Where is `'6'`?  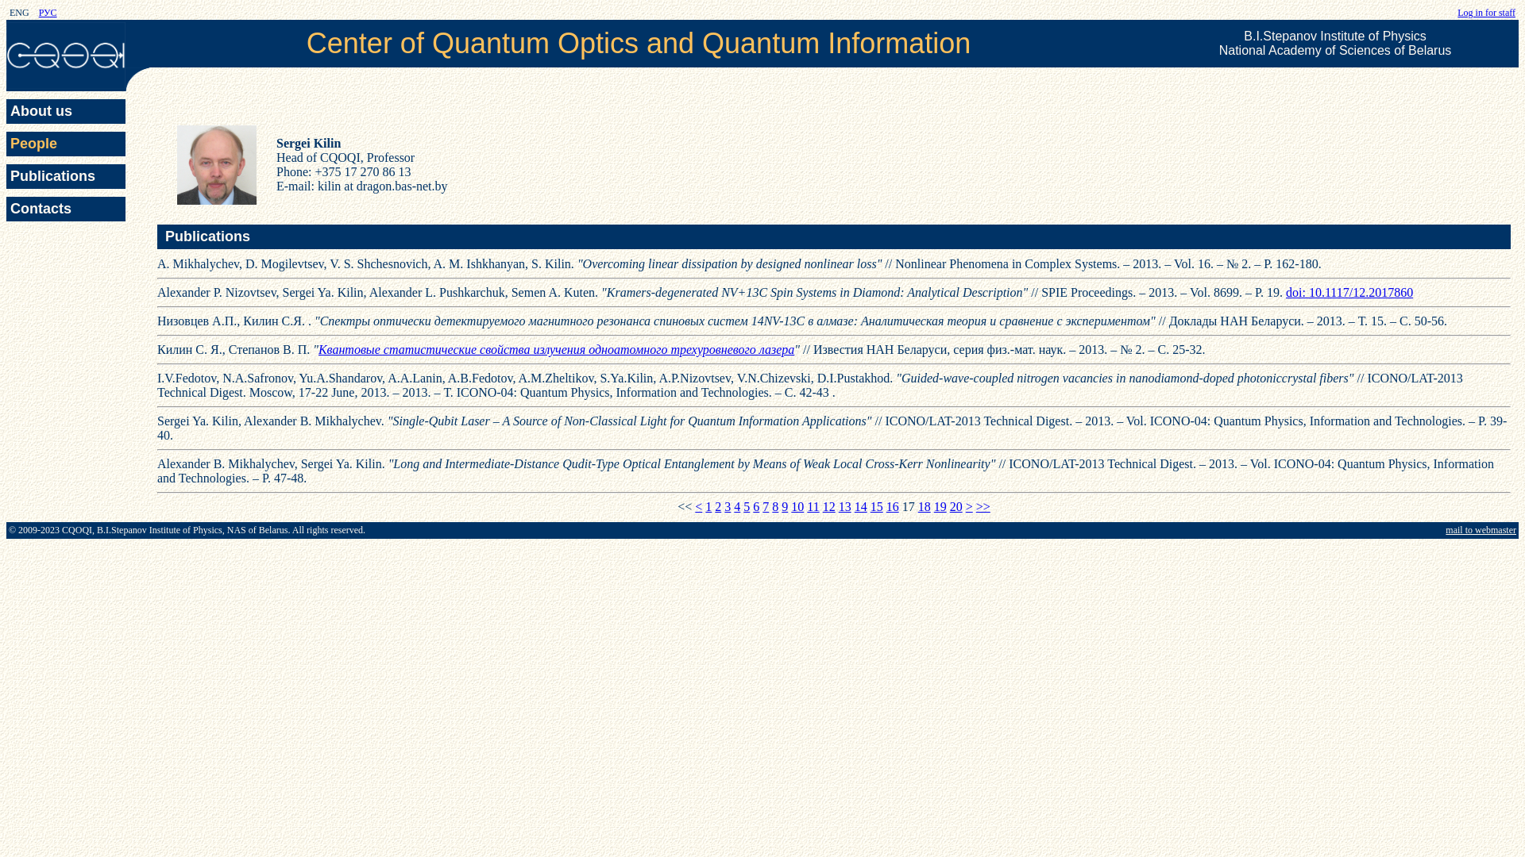
'6' is located at coordinates (755, 506).